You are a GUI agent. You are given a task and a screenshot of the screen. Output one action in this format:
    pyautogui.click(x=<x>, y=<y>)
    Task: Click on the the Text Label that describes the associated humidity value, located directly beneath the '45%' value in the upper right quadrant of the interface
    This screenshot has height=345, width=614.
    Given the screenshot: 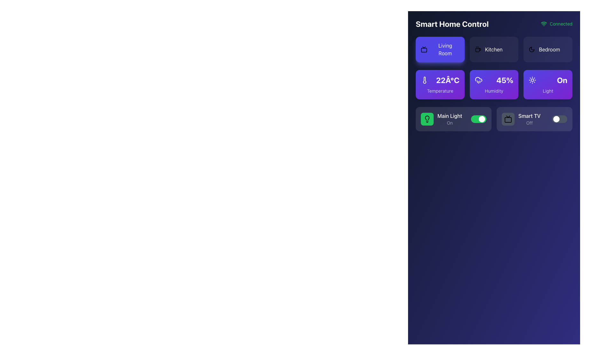 What is the action you would take?
    pyautogui.click(x=494, y=91)
    